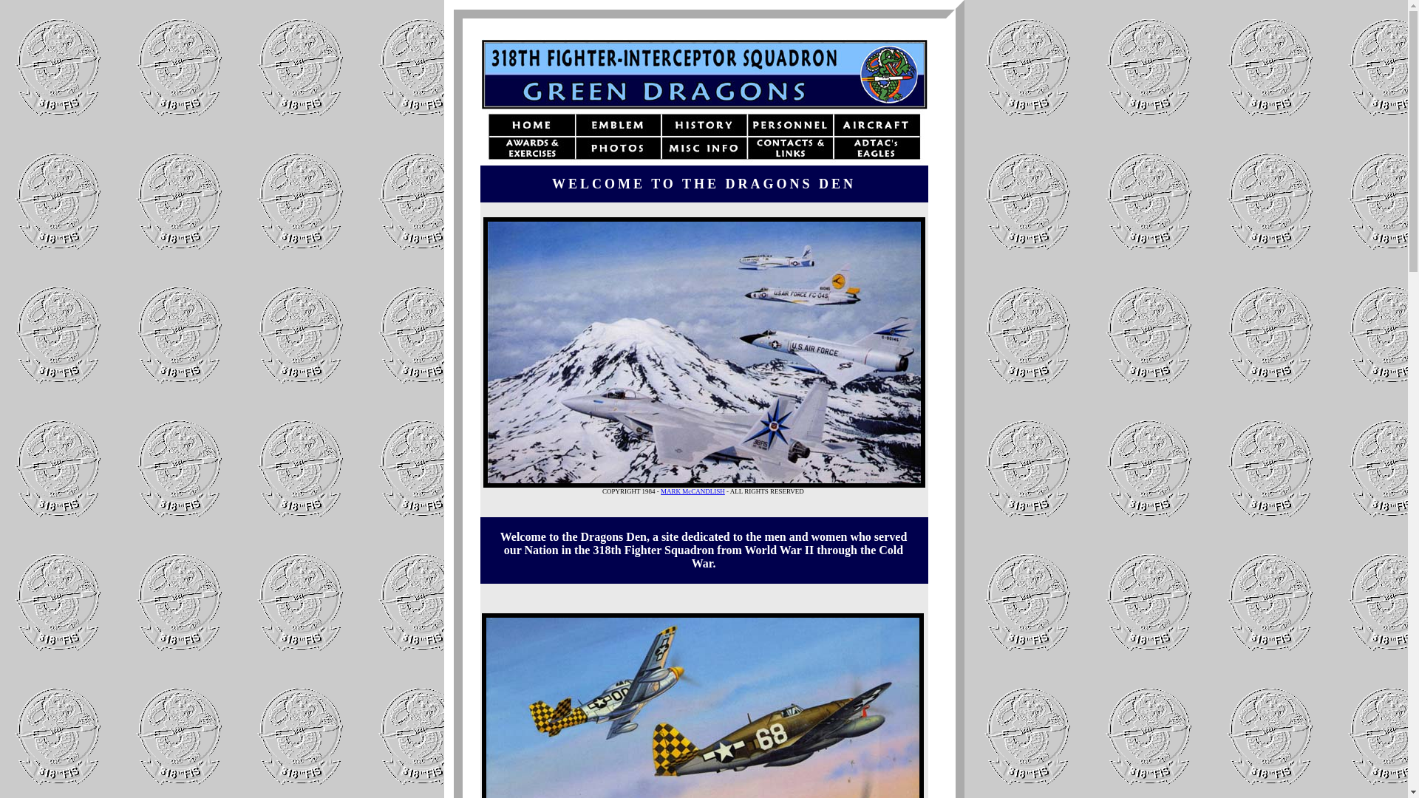 This screenshot has height=798, width=1419. I want to click on 'MARK McCANDLISH', so click(659, 491).